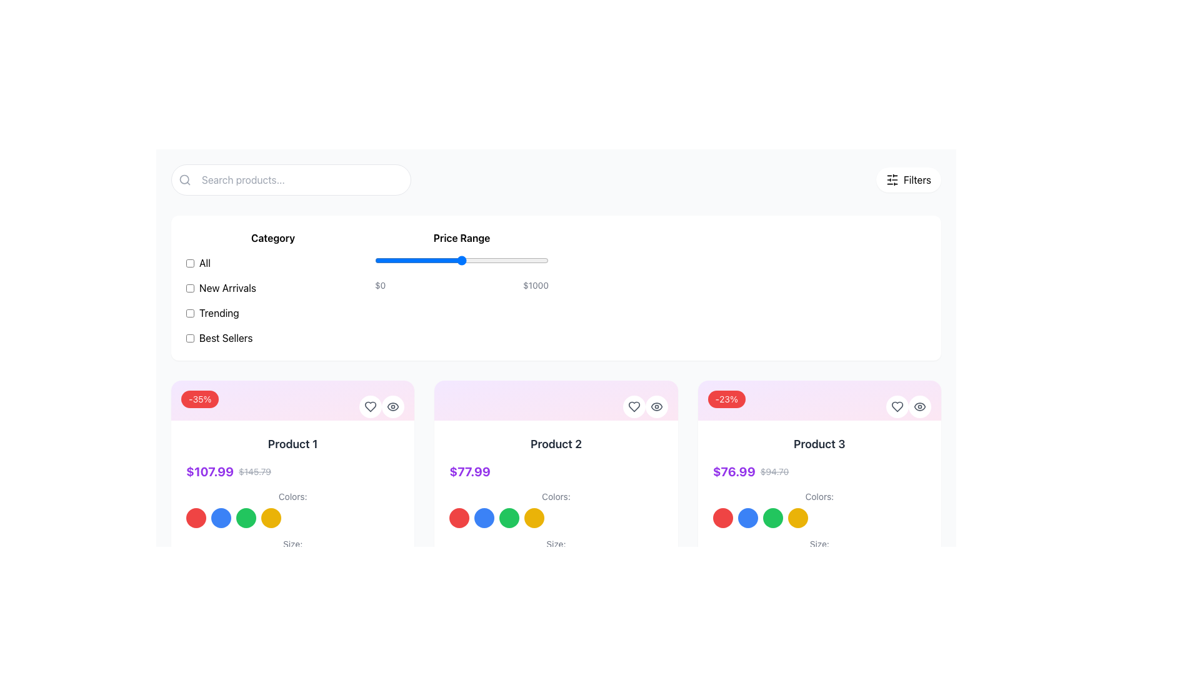  What do you see at coordinates (819, 526) in the screenshot?
I see `the third product card in the e-commerce interface, which displays 'Product 3', a current price of '$76.99' in bold purple, and an 'Add to Cart' button at the bottom` at bounding box center [819, 526].